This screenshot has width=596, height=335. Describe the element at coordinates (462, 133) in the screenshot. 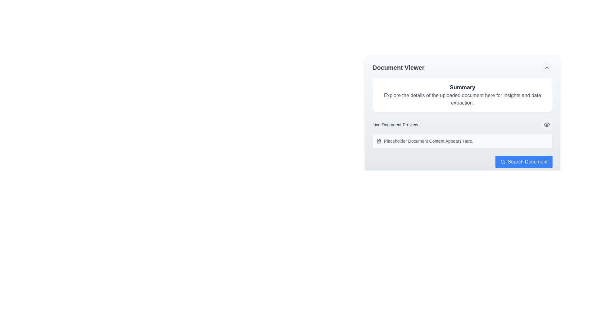

I see `the interactive areas within the preview panel for document contents, which is located centrally in the 'Document Viewer' component, below the 'Summary' section and above the 'Search Document' button` at that location.